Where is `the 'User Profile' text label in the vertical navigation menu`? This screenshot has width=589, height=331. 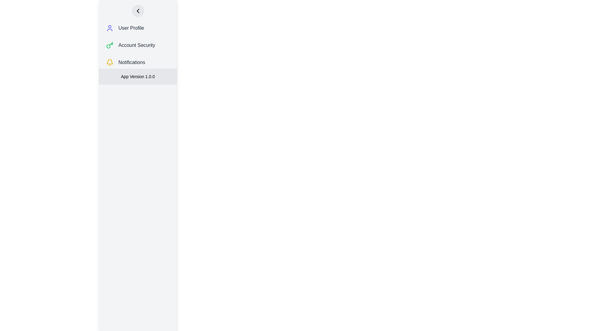
the 'User Profile' text label in the vertical navigation menu is located at coordinates (131, 28).